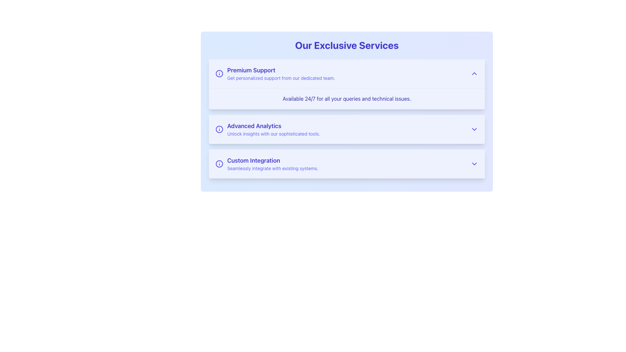 This screenshot has height=352, width=626. Describe the element at coordinates (273, 168) in the screenshot. I see `descriptive text providing context about the 'Custom Integration' service, which is positioned as the subtitle below the title 'Custom Integration'` at that location.